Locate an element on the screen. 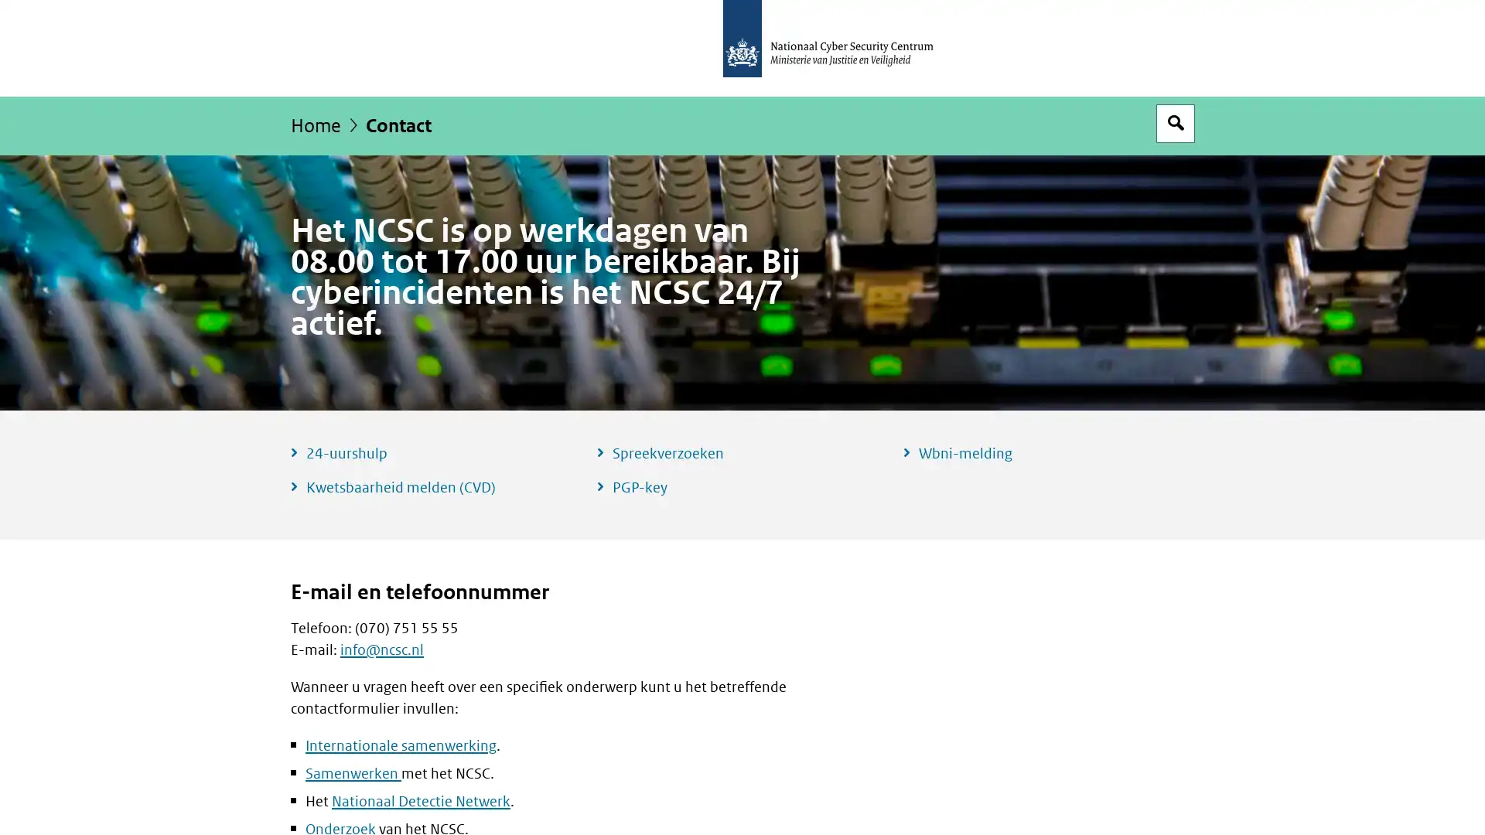 The height and width of the screenshot is (835, 1485). Open zoekveld is located at coordinates (1176, 122).